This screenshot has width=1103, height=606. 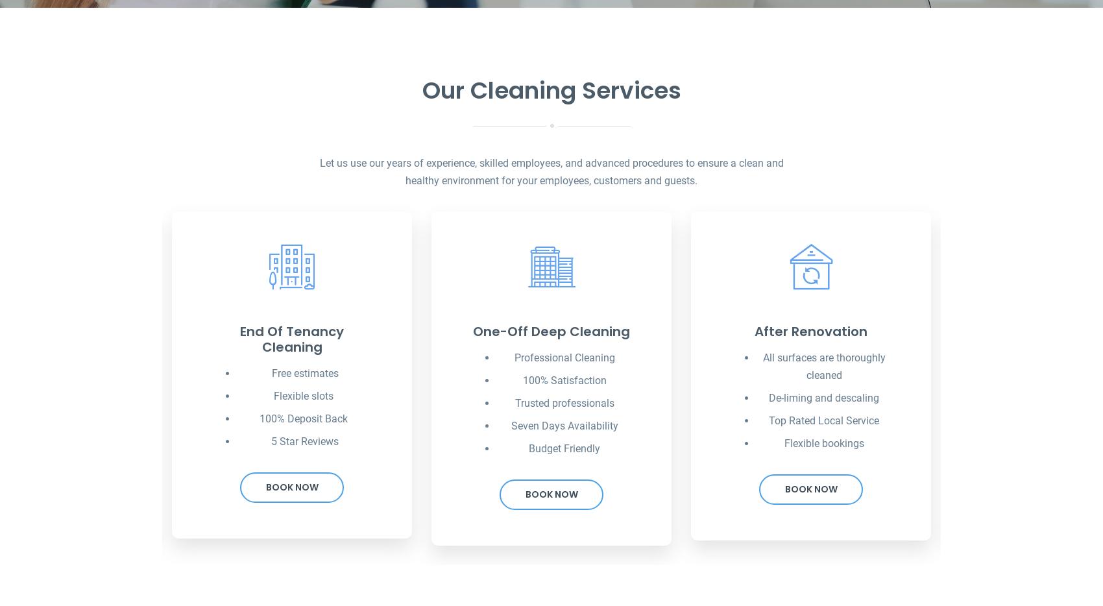 I want to click on 'All surfaces are thoroughly cleaned', so click(x=823, y=365).